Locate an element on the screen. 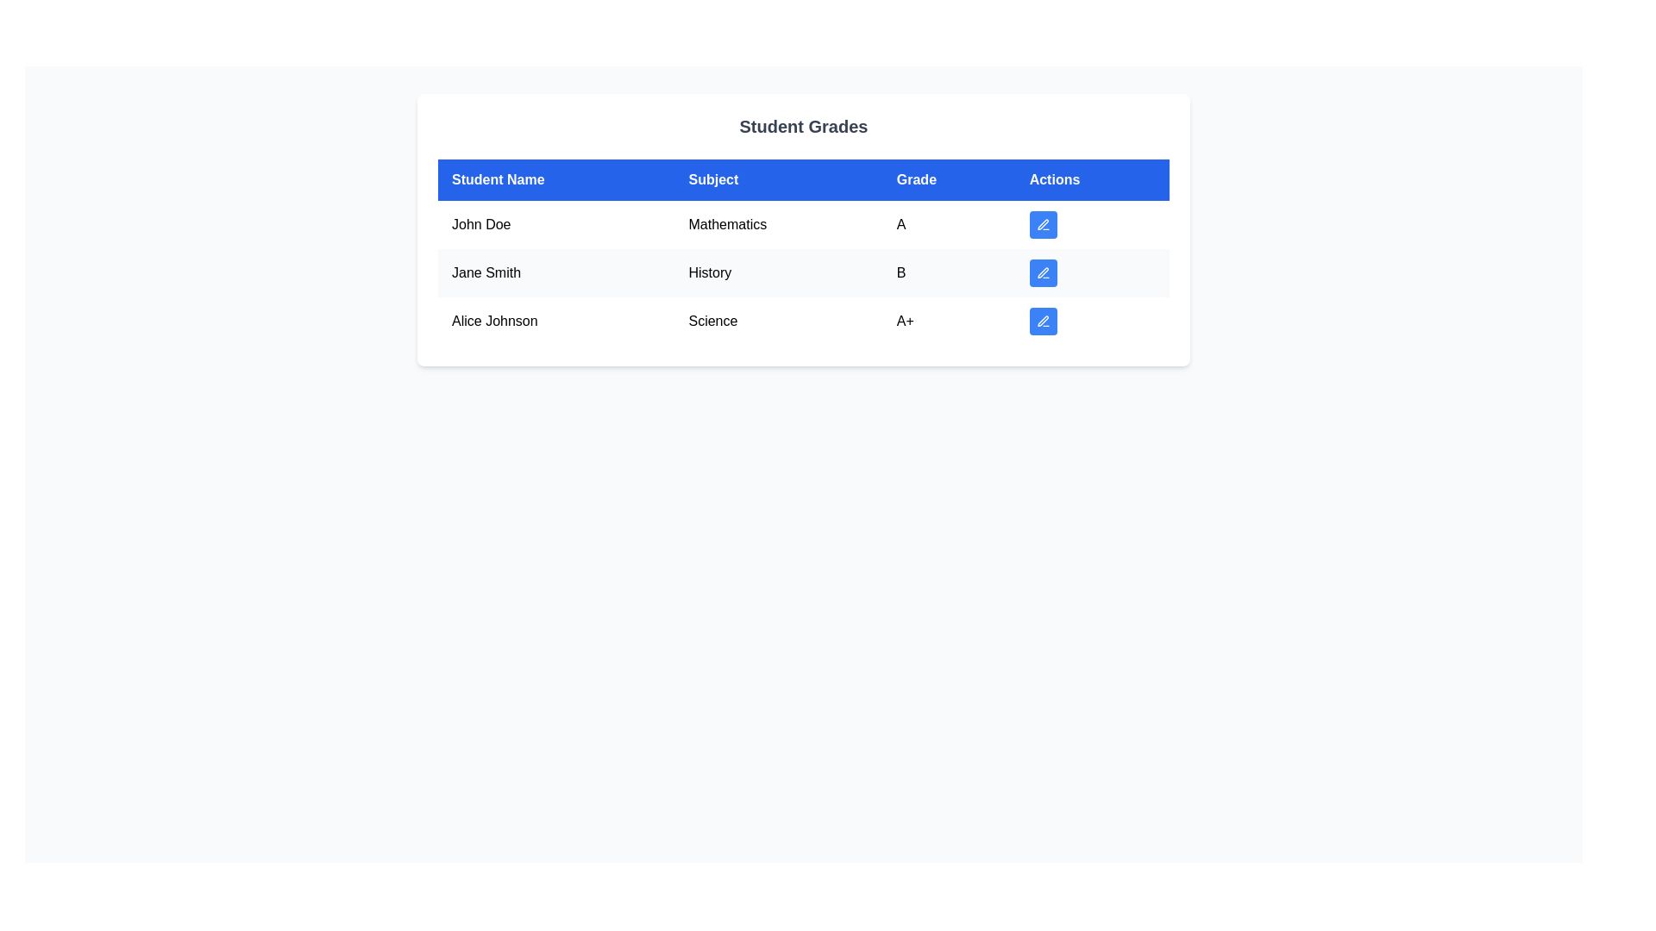  the button for editing the details related to the student 'Jane Smith' is located at coordinates (1042, 272).